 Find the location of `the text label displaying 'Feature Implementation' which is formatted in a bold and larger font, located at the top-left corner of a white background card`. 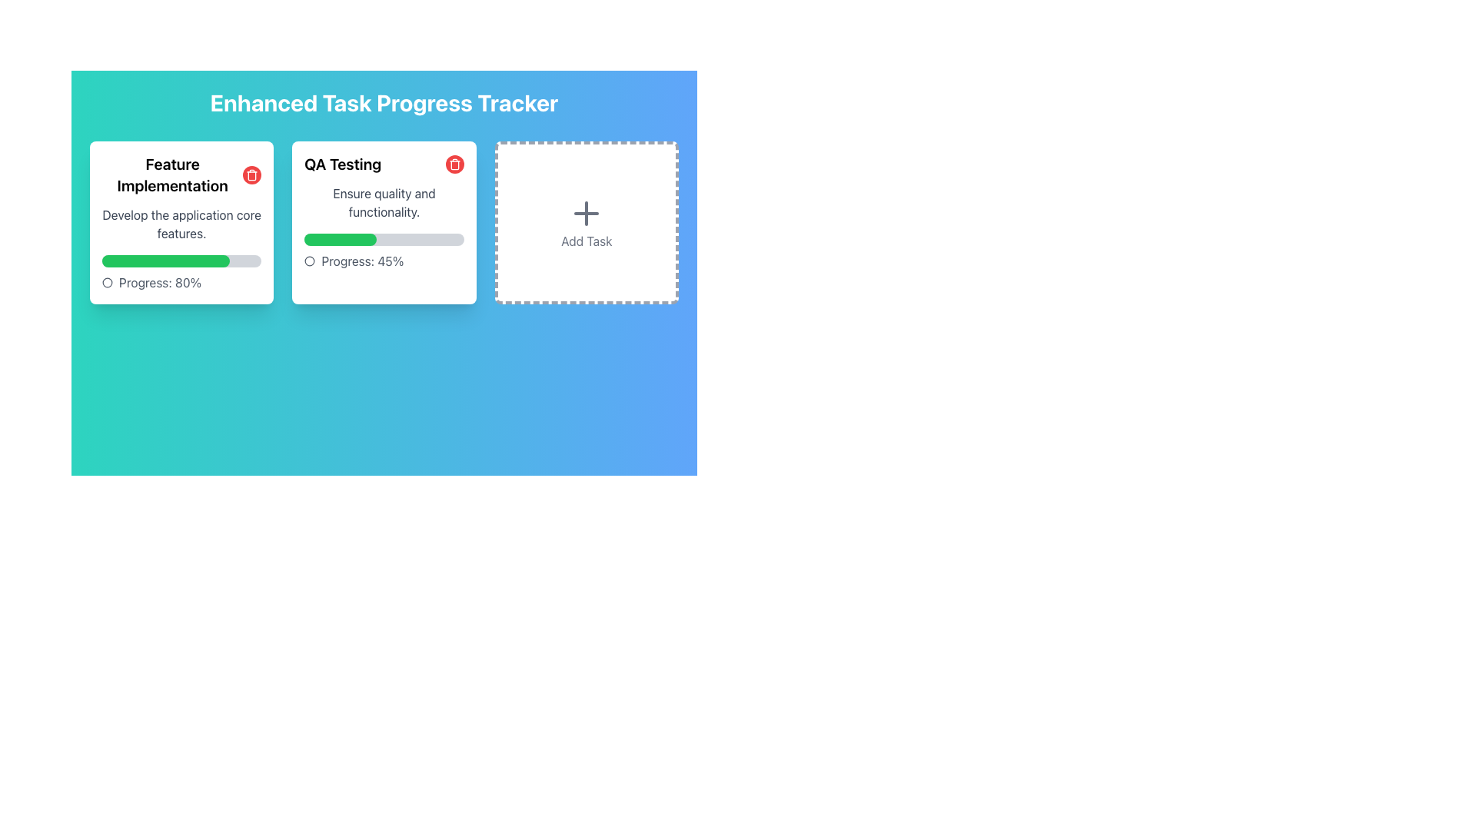

the text label displaying 'Feature Implementation' which is formatted in a bold and larger font, located at the top-left corner of a white background card is located at coordinates (181, 174).